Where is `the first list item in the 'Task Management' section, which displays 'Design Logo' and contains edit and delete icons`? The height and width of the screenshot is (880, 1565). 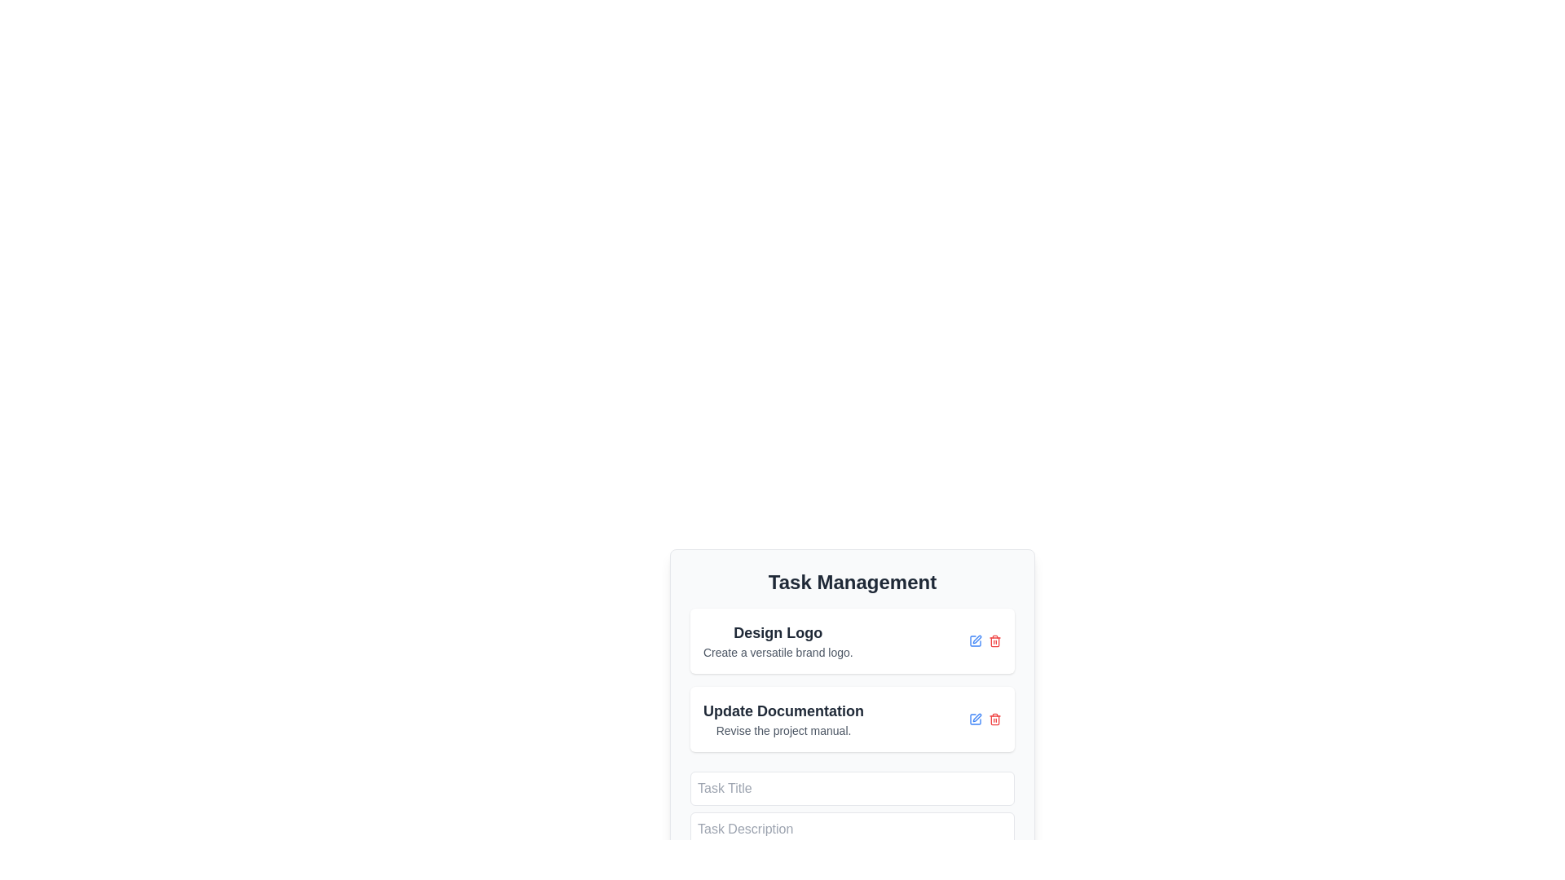 the first list item in the 'Task Management' section, which displays 'Design Logo' and contains edit and delete icons is located at coordinates (852, 640).